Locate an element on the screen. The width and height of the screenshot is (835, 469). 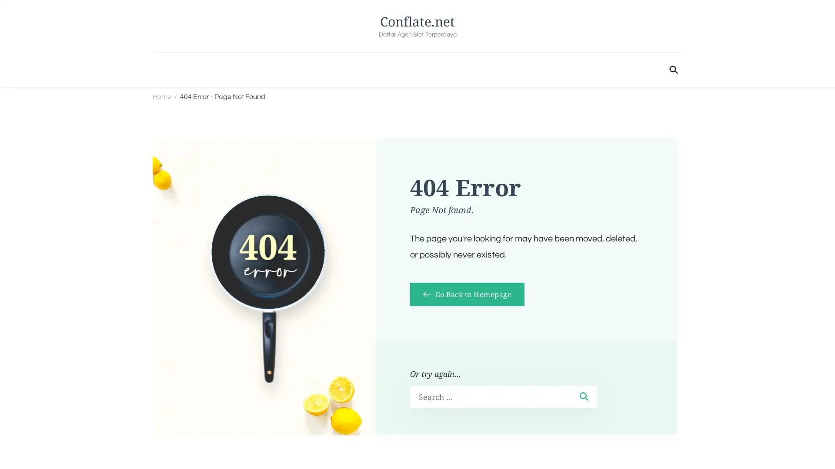
Search is located at coordinates (584, 396).